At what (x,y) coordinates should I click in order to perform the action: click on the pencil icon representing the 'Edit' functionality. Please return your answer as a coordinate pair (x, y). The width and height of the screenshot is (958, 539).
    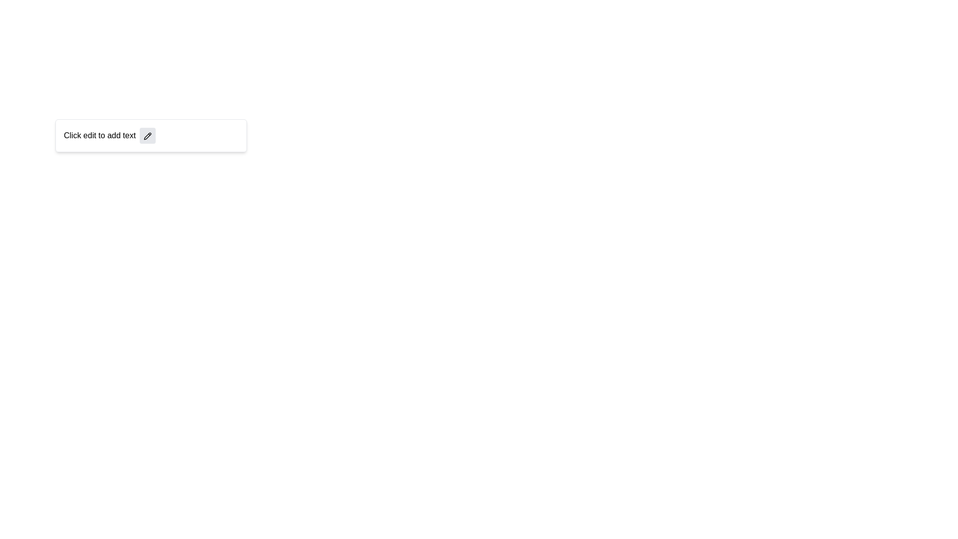
    Looking at the image, I should click on (147, 136).